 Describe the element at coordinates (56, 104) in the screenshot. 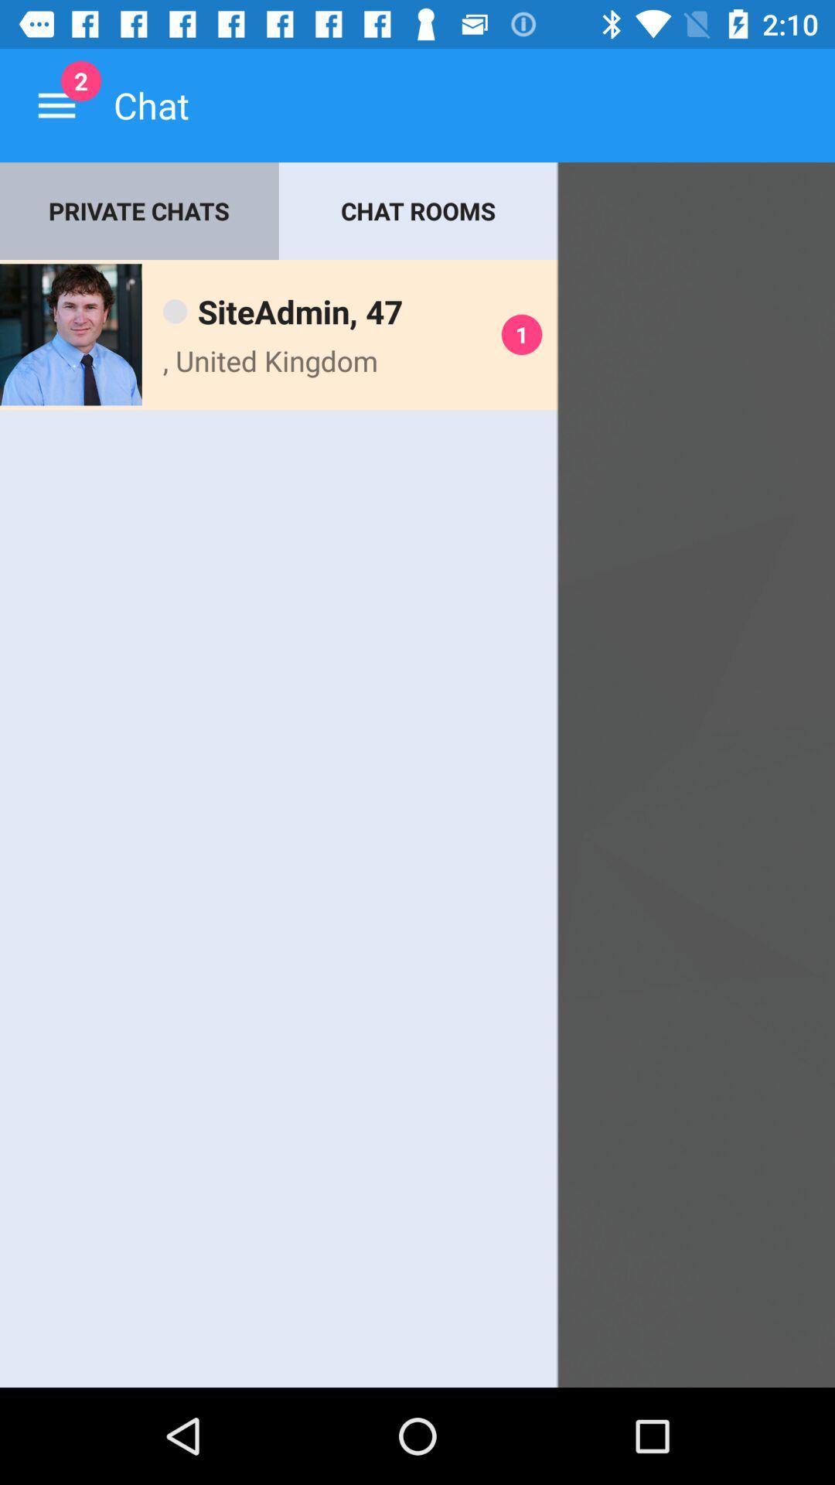

I see `the icon above private chats item` at that location.